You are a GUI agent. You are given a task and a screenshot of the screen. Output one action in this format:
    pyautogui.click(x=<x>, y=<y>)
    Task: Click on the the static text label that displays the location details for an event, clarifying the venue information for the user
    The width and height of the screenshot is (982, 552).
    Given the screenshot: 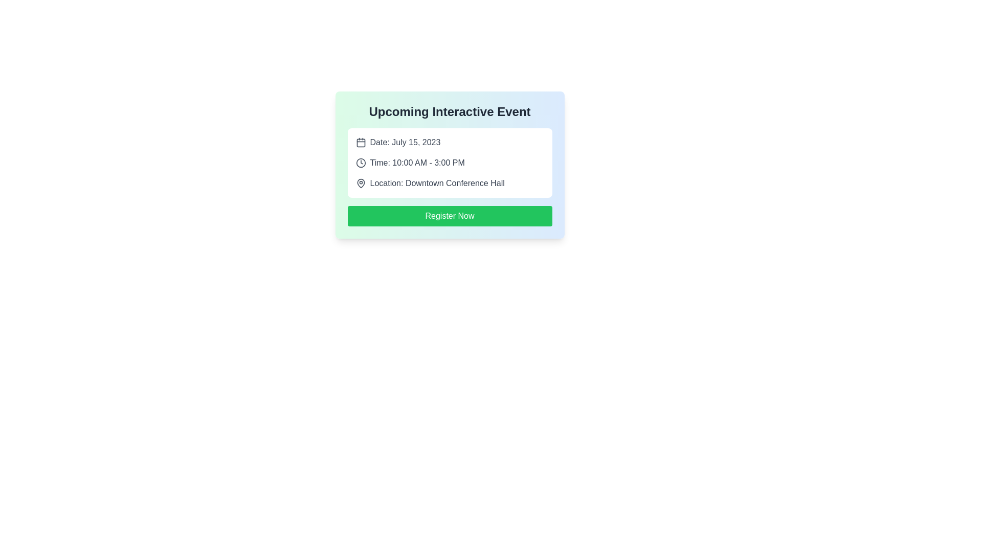 What is the action you would take?
    pyautogui.click(x=437, y=182)
    